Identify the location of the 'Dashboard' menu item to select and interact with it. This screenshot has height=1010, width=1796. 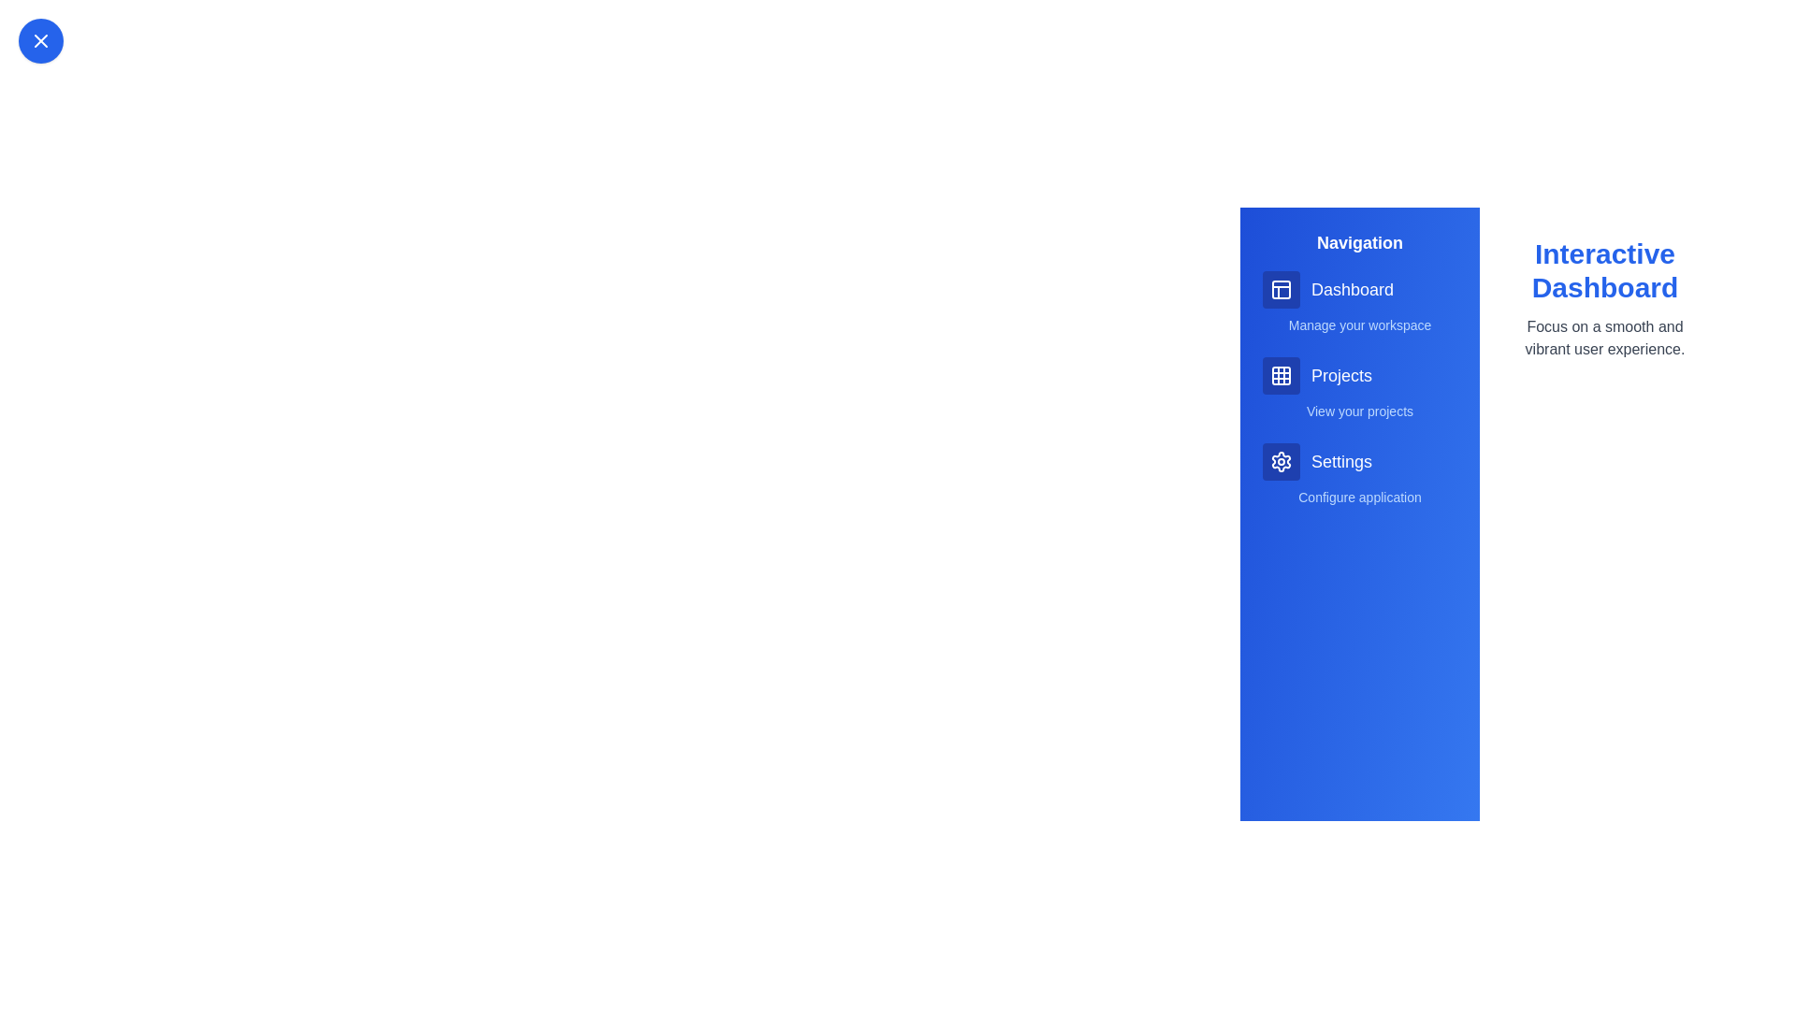
(1360, 289).